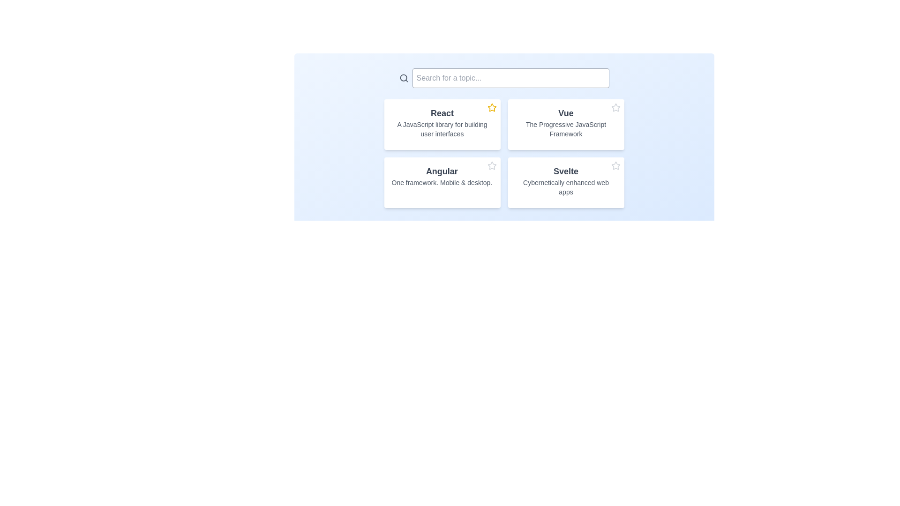 This screenshot has height=506, width=900. What do you see at coordinates (565, 129) in the screenshot?
I see `the text display that provides additional context about the 'Vue' framework, located below the title text in the vertical layout` at bounding box center [565, 129].